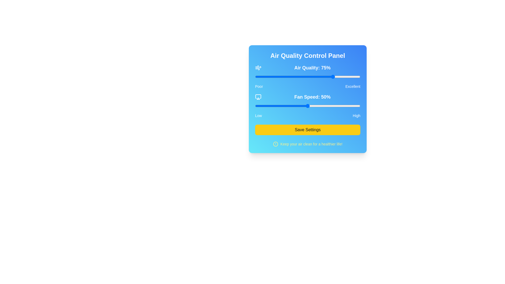 The width and height of the screenshot is (505, 284). Describe the element at coordinates (258, 77) in the screenshot. I see `air quality` at that location.